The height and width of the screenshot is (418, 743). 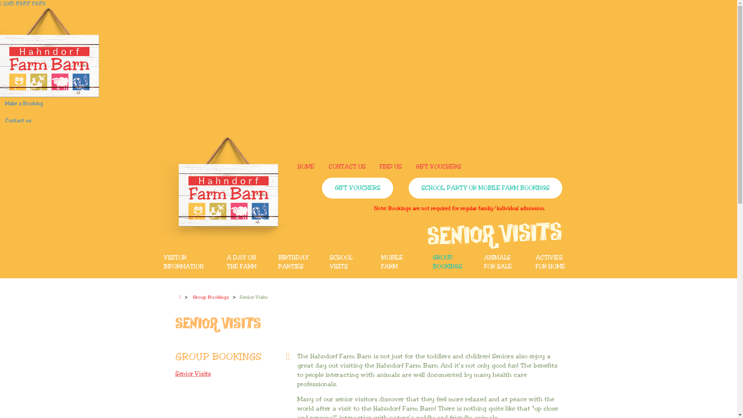 What do you see at coordinates (24, 103) in the screenshot?
I see `'Make a Booking'` at bounding box center [24, 103].